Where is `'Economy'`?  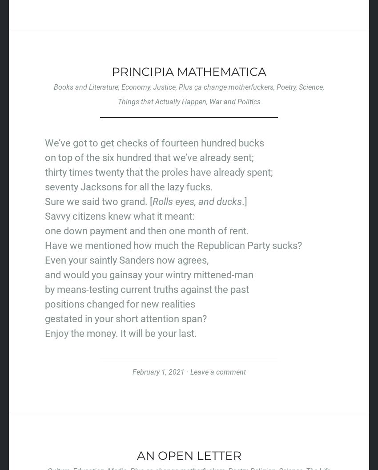
'Economy' is located at coordinates (135, 87).